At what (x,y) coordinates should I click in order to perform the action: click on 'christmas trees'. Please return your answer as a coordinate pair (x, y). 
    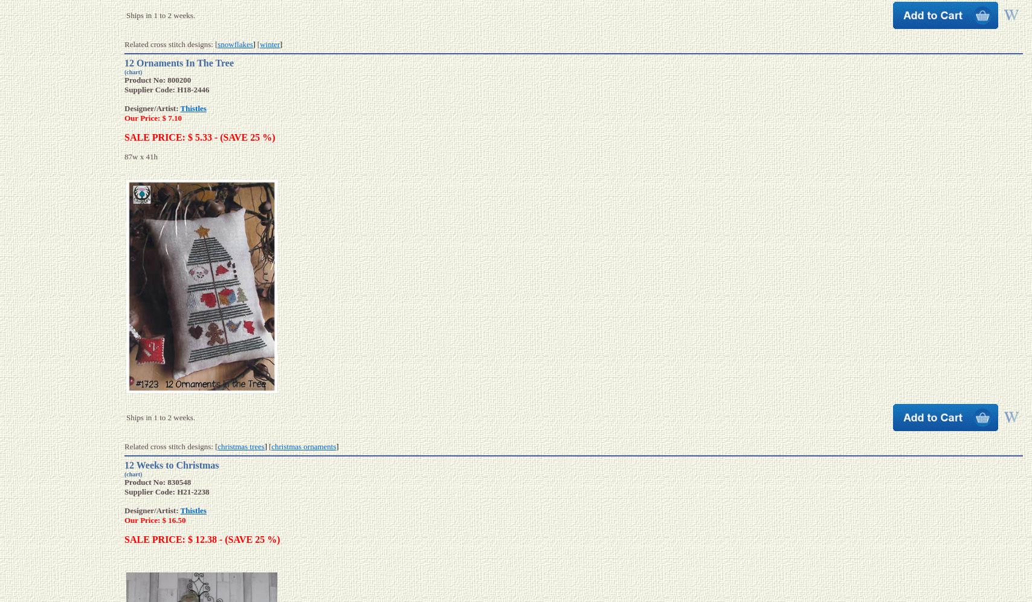
    Looking at the image, I should click on (218, 446).